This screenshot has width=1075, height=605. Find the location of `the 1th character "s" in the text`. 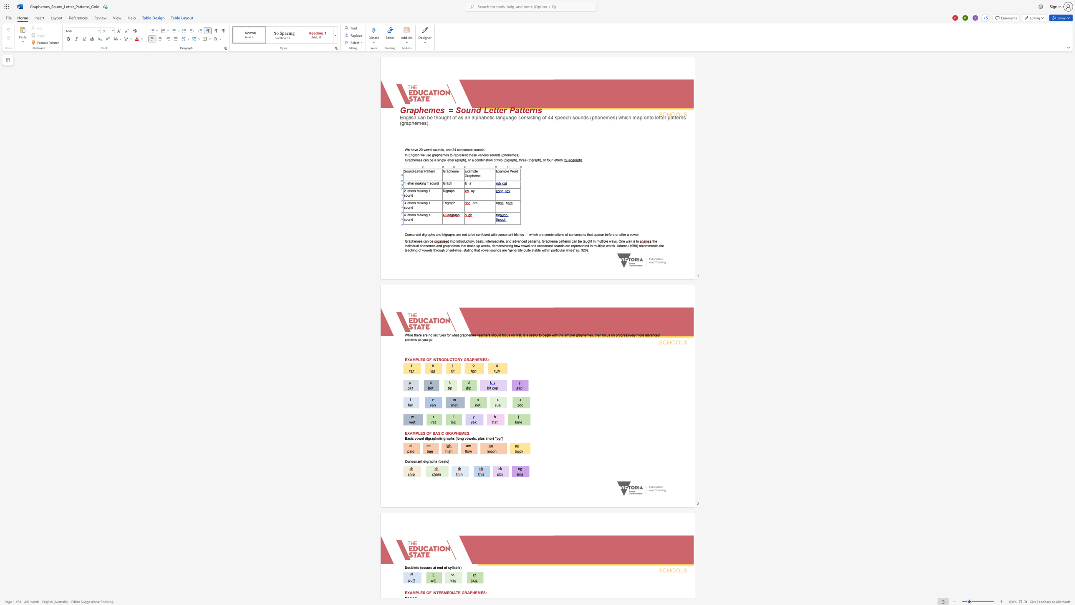

the 1th character "s" in the text is located at coordinates (421, 241).